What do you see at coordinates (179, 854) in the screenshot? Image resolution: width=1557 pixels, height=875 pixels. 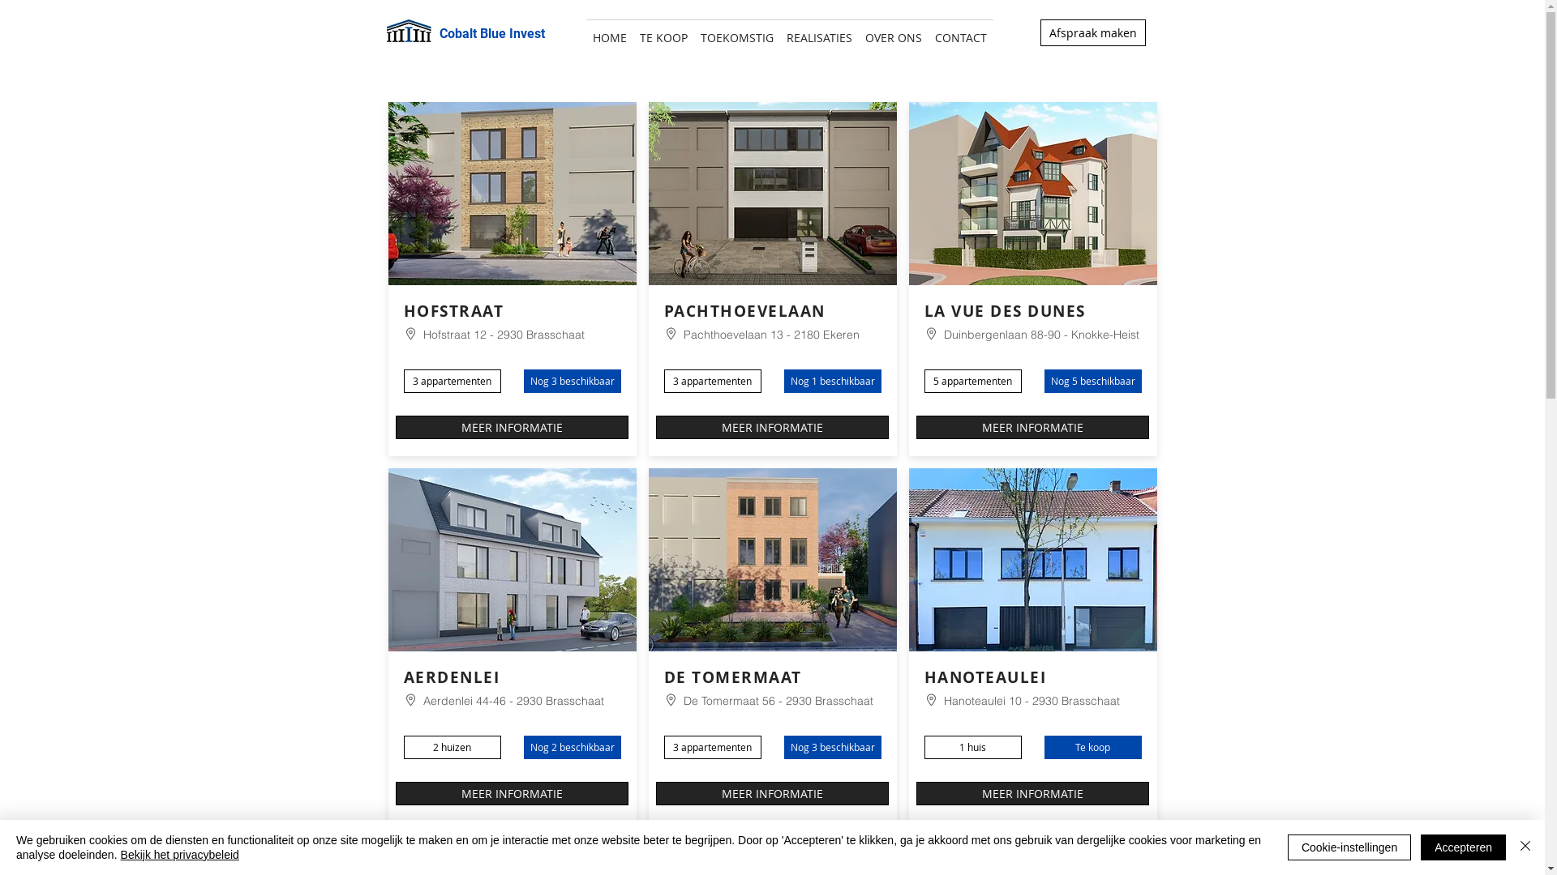 I see `'Bekijk het privacybeleid'` at bounding box center [179, 854].